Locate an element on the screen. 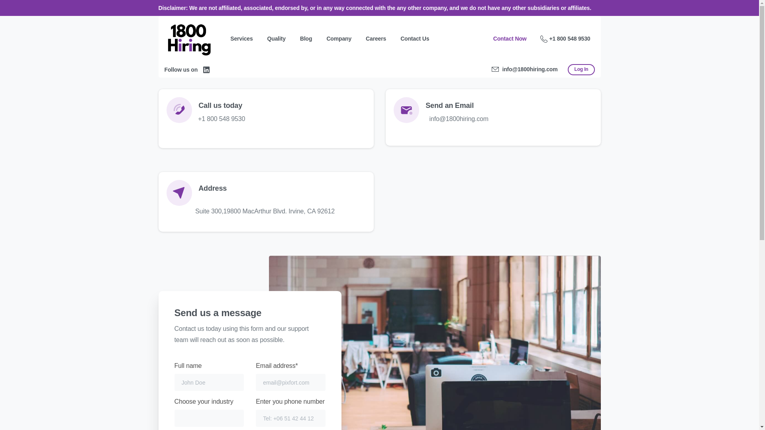 This screenshot has width=765, height=430. 'Contact Us' is located at coordinates (414, 39).